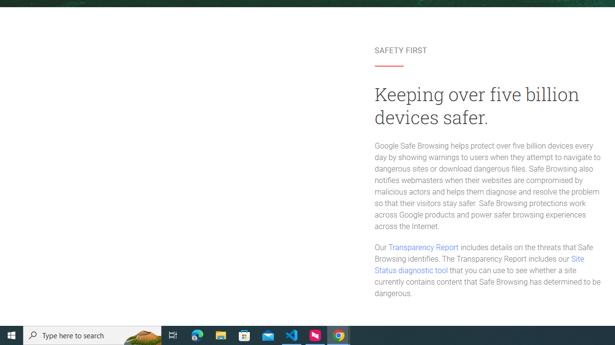 The height and width of the screenshot is (345, 615). What do you see at coordinates (423, 247) in the screenshot?
I see `'Transparency Report'` at bounding box center [423, 247].